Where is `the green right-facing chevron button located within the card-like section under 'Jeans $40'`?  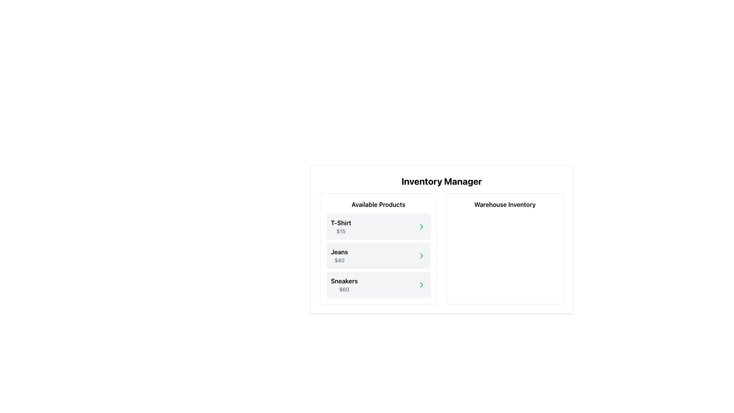
the green right-facing chevron button located within the card-like section under 'Jeans $40' is located at coordinates (421, 255).